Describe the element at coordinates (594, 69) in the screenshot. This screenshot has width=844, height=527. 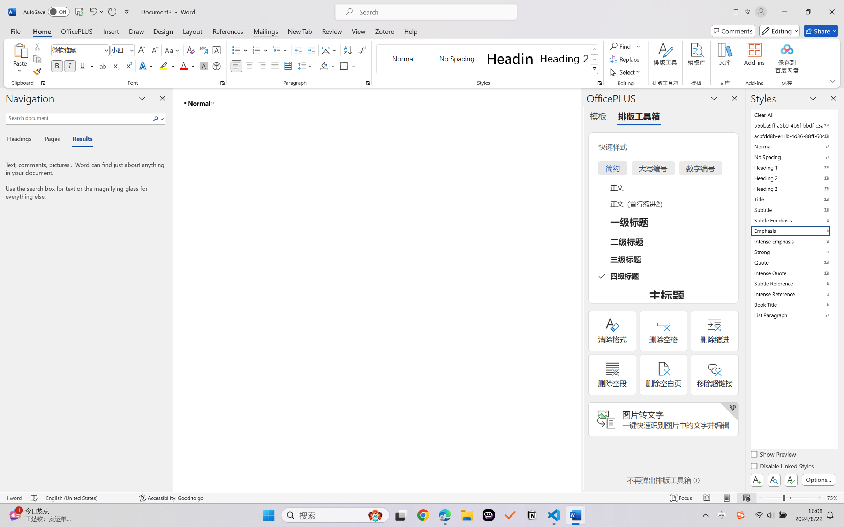
I see `'Styles'` at that location.